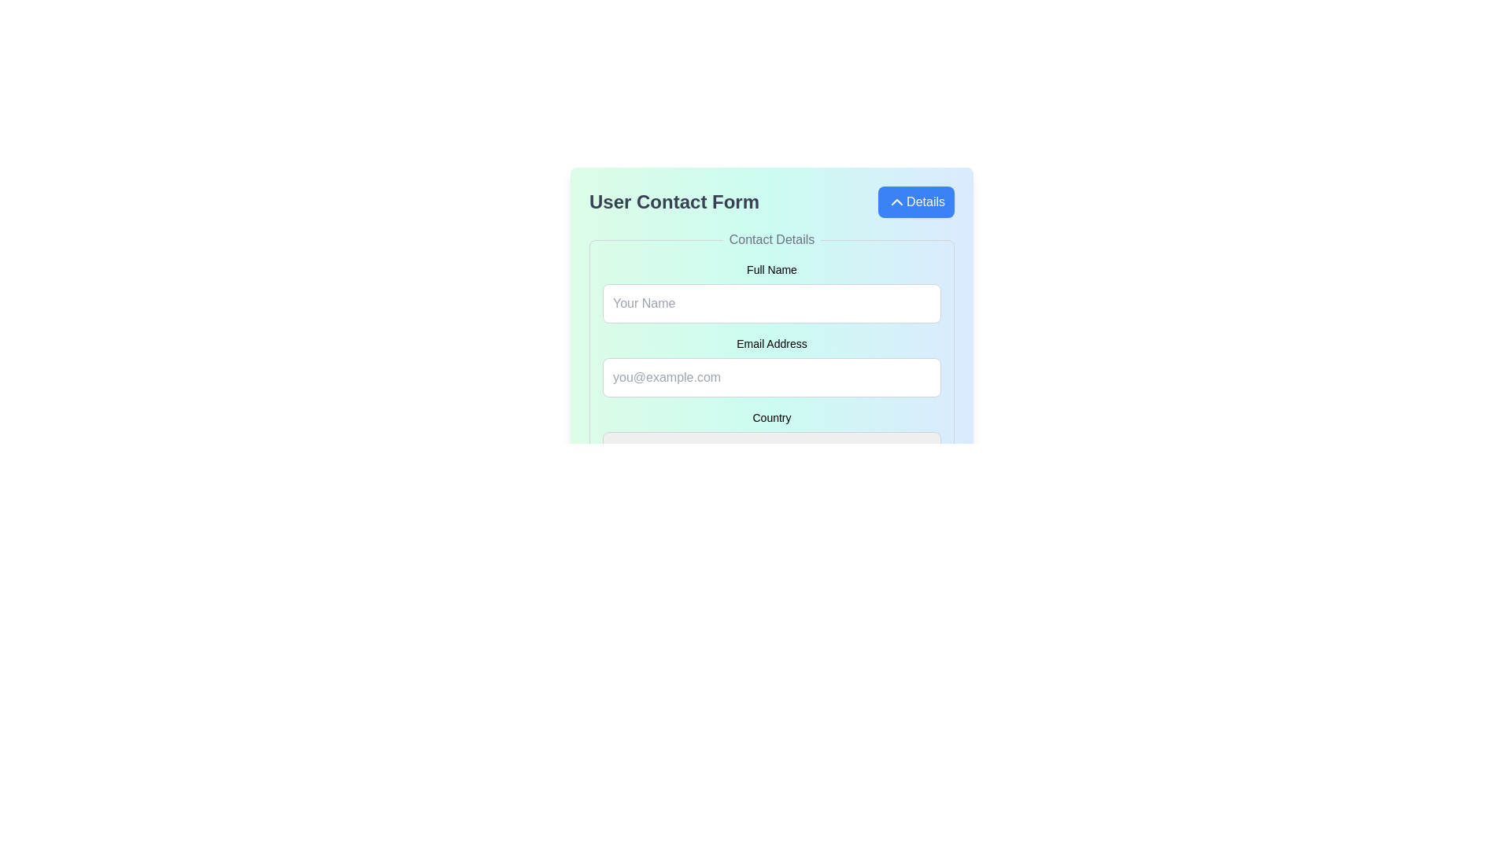 Image resolution: width=1511 pixels, height=850 pixels. Describe the element at coordinates (916, 201) in the screenshot. I see `the 'Details' button with a blue background and white text, located at the top-right corner of the 'User Contact Form' section header` at that location.